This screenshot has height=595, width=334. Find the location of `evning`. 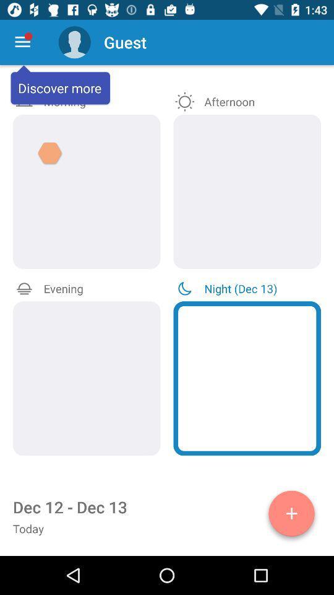

evning is located at coordinates (86, 377).